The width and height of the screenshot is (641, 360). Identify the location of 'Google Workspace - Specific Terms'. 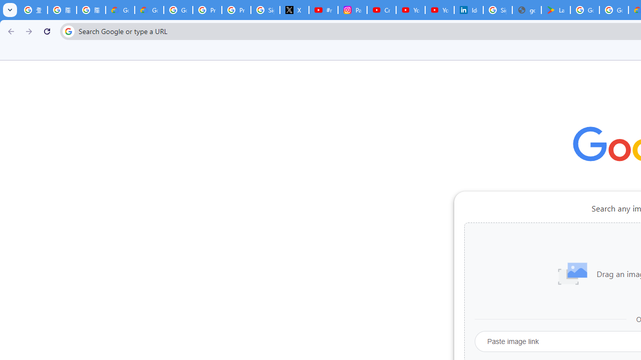
(613, 10).